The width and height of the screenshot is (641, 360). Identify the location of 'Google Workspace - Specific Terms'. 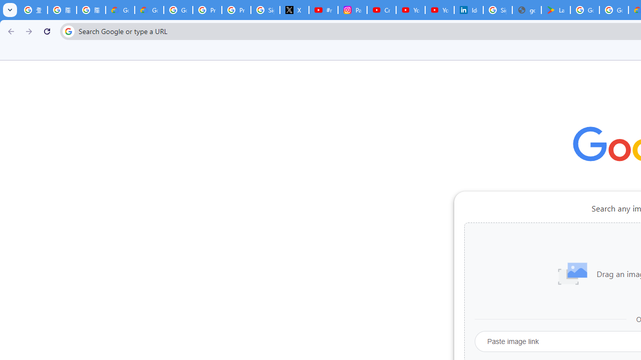
(613, 10).